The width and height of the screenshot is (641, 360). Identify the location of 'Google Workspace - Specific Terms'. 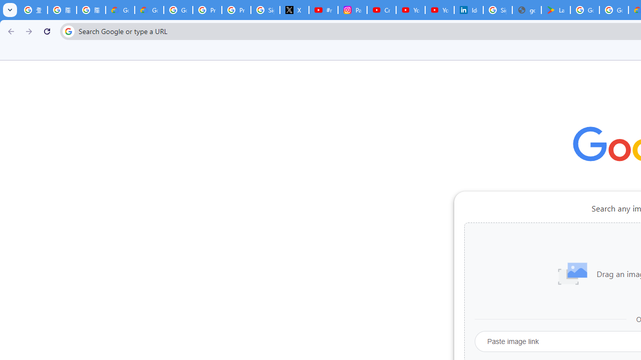
(613, 10).